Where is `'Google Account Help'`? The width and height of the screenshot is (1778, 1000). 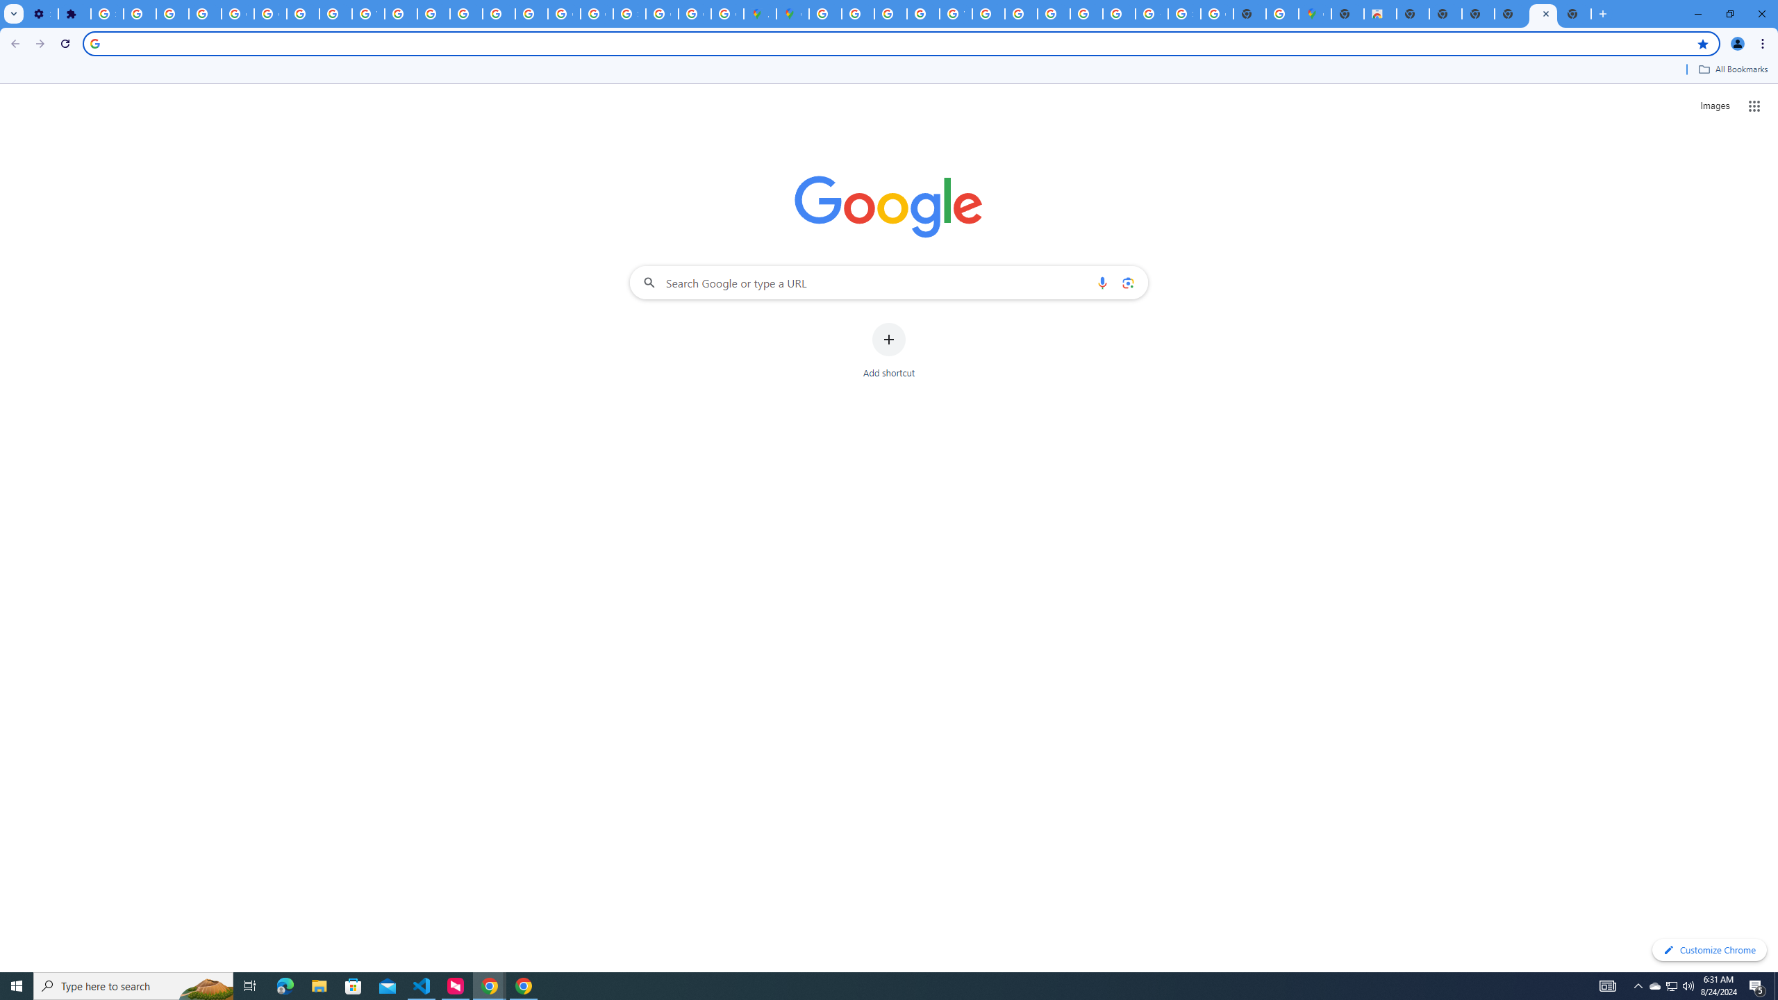
'Google Account Help' is located at coordinates (237, 13).